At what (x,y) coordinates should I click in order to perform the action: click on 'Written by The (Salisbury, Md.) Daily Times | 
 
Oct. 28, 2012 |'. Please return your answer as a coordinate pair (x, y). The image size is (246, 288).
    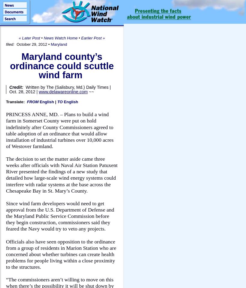
    Looking at the image, I should click on (60, 89).